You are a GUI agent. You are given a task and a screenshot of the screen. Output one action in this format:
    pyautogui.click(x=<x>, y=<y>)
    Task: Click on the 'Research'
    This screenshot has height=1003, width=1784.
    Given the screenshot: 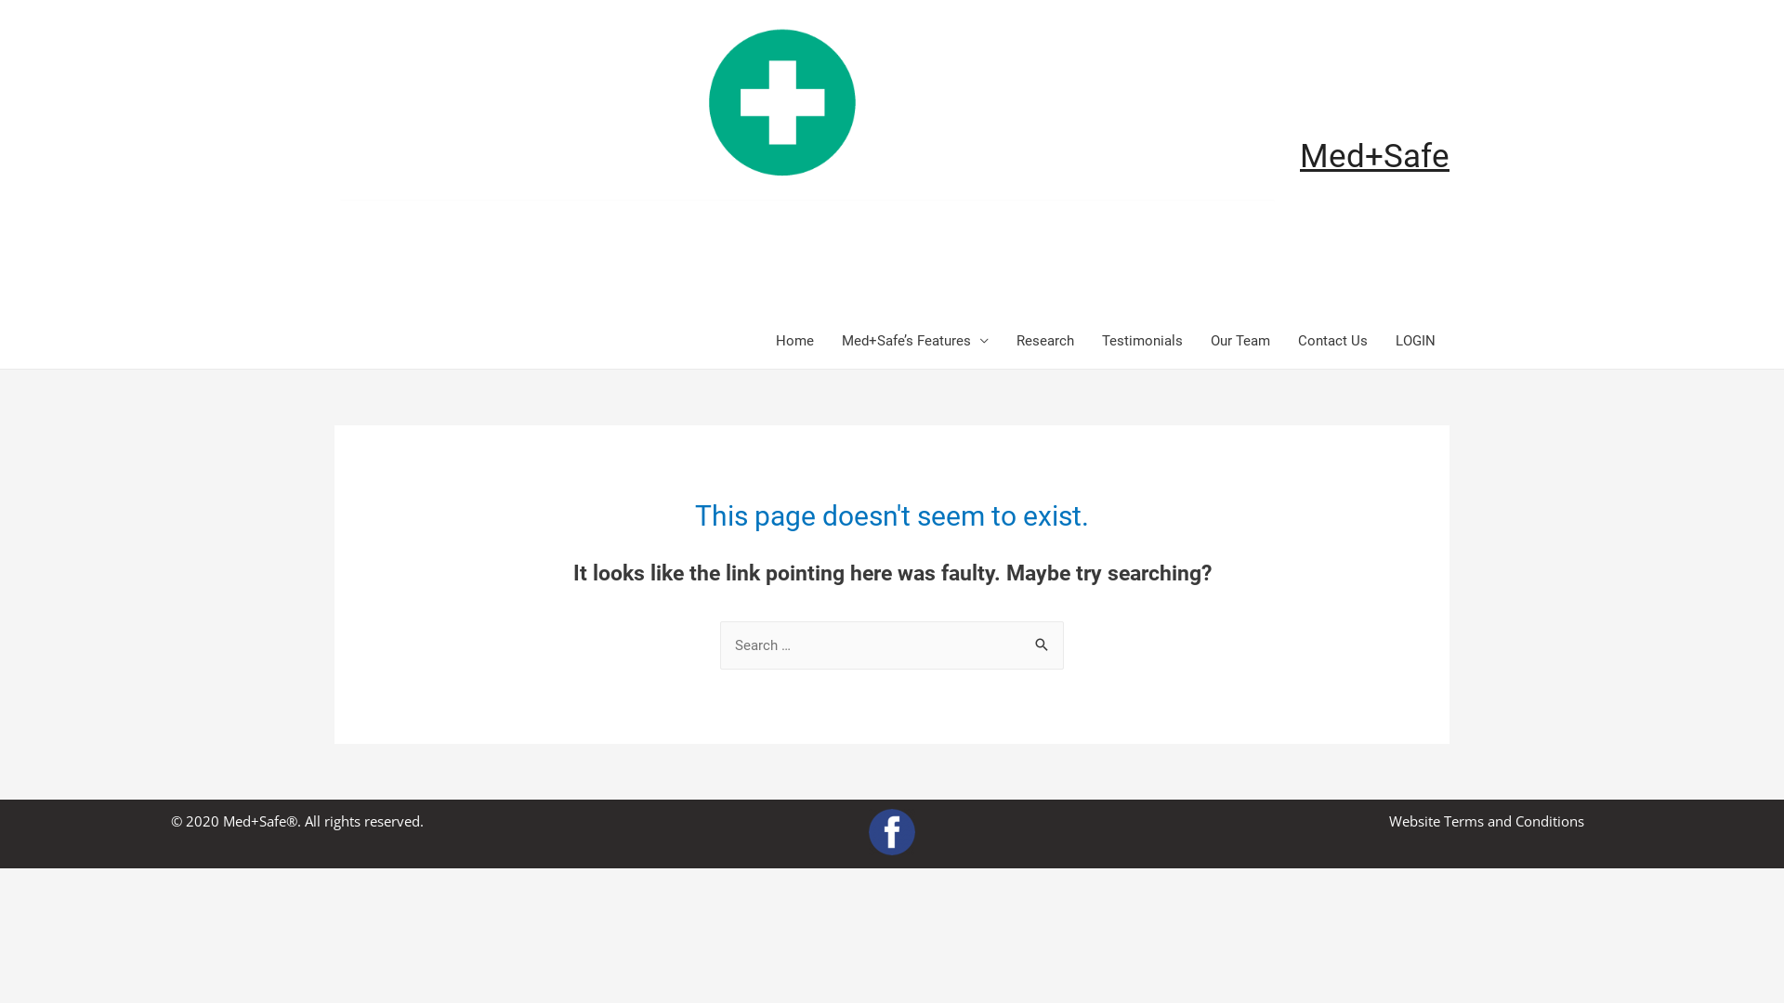 What is the action you would take?
    pyautogui.click(x=1044, y=340)
    